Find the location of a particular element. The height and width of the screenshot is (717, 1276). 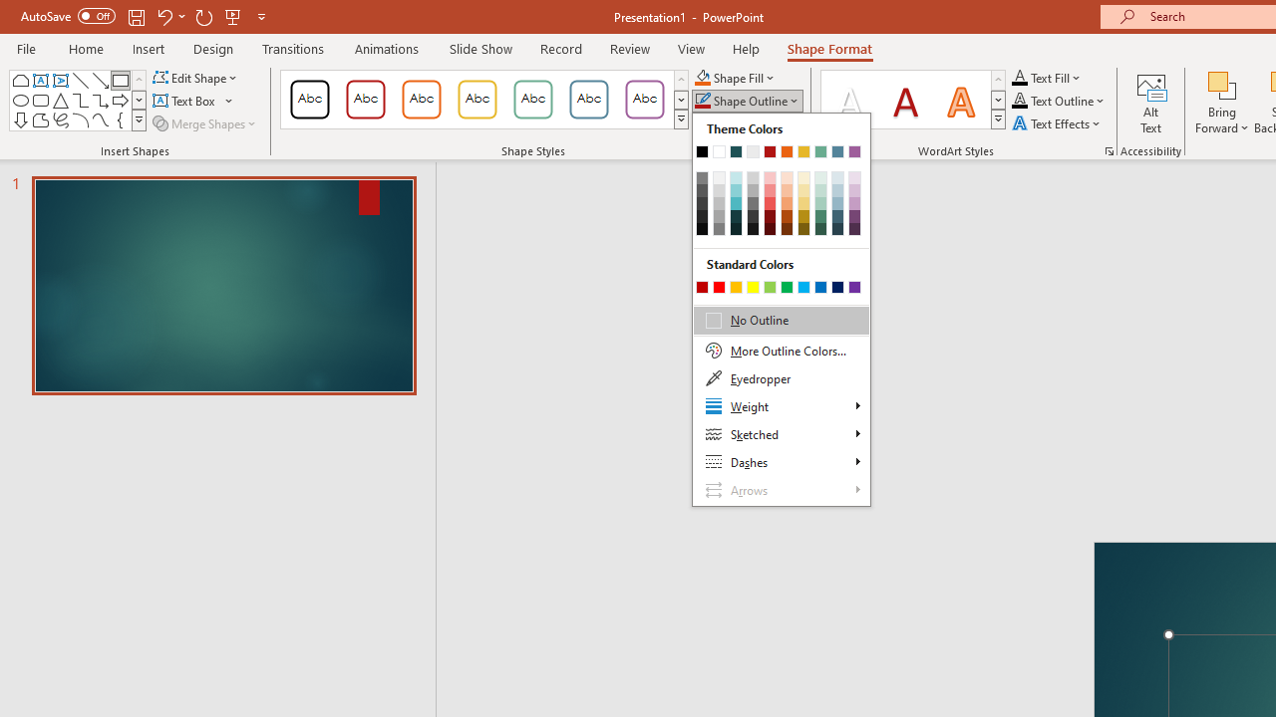

'Draw Horizontal Text Box' is located at coordinates (185, 101).